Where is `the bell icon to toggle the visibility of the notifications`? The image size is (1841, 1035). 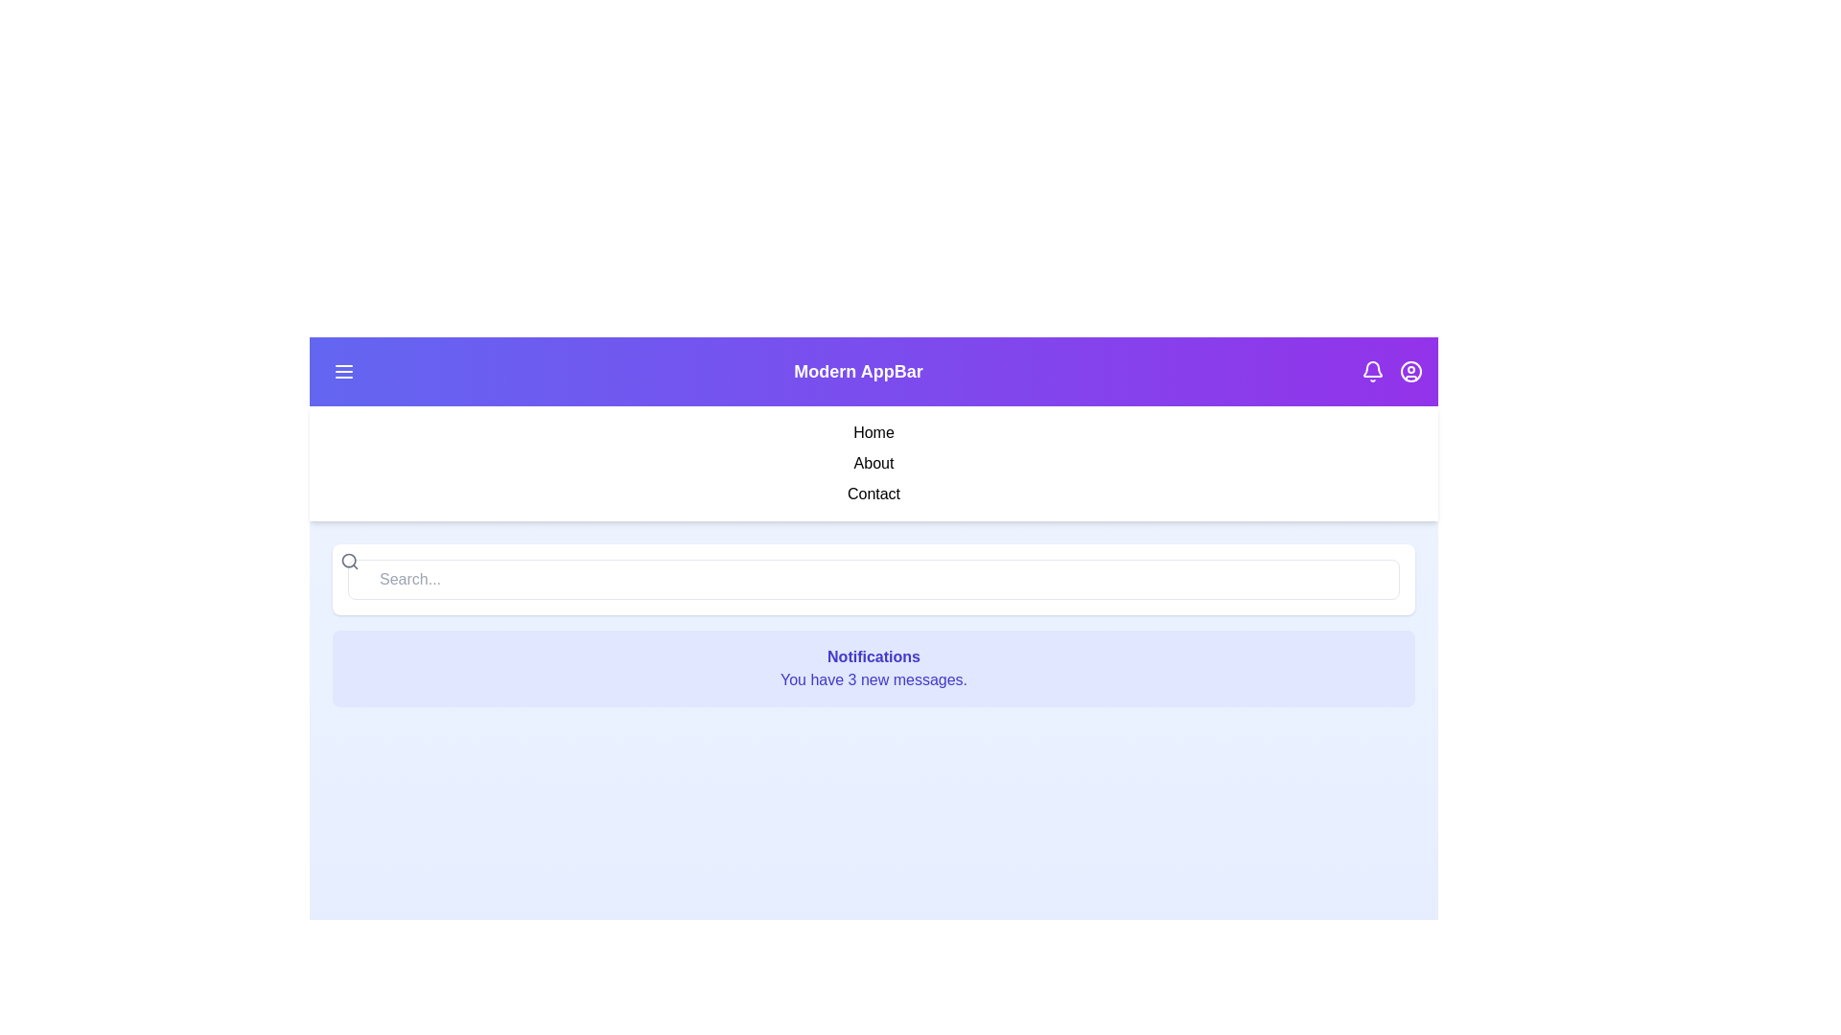
the bell icon to toggle the visibility of the notifications is located at coordinates (1371, 372).